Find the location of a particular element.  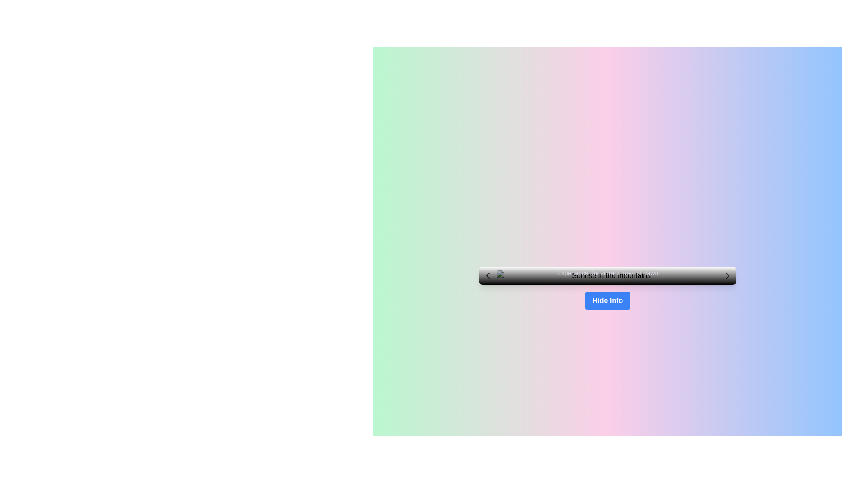

the image with overlaying captions displaying 'Sunrise in the mountains' to interact with the overlay content if enabled is located at coordinates (607, 275).